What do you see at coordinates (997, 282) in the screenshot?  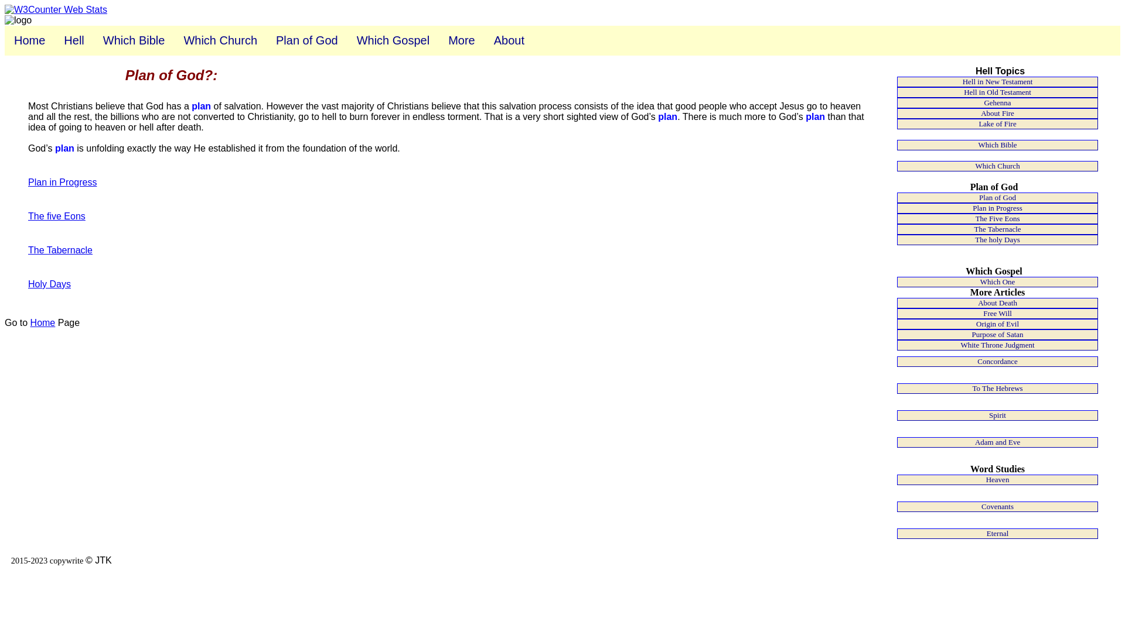 I see `'Which One'` at bounding box center [997, 282].